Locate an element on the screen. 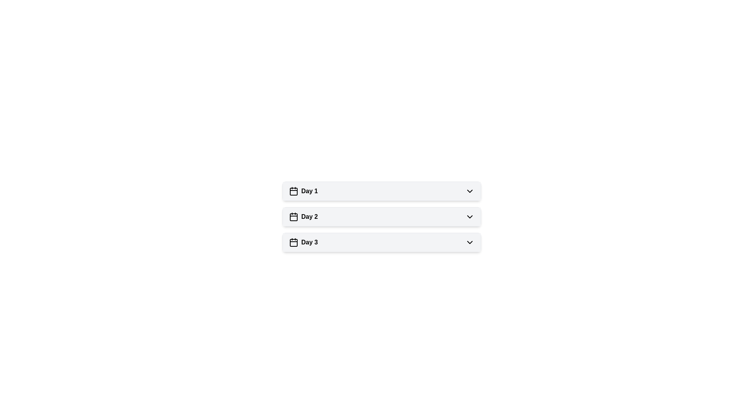 Image resolution: width=745 pixels, height=419 pixels. the calendar icon that serves as a visual indicator for the date functionality associated with 'Day 1' is located at coordinates (293, 191).